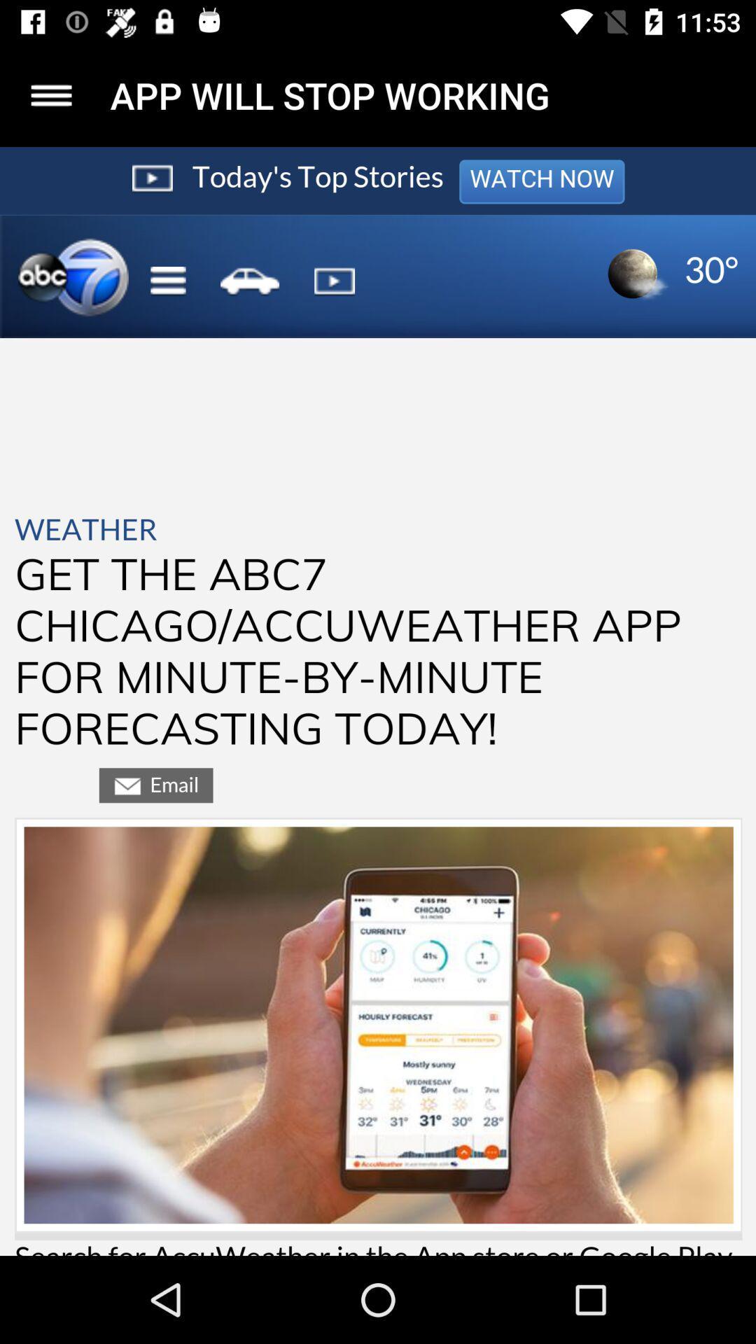 This screenshot has width=756, height=1344. I want to click on this is button for more options, so click(50, 94).